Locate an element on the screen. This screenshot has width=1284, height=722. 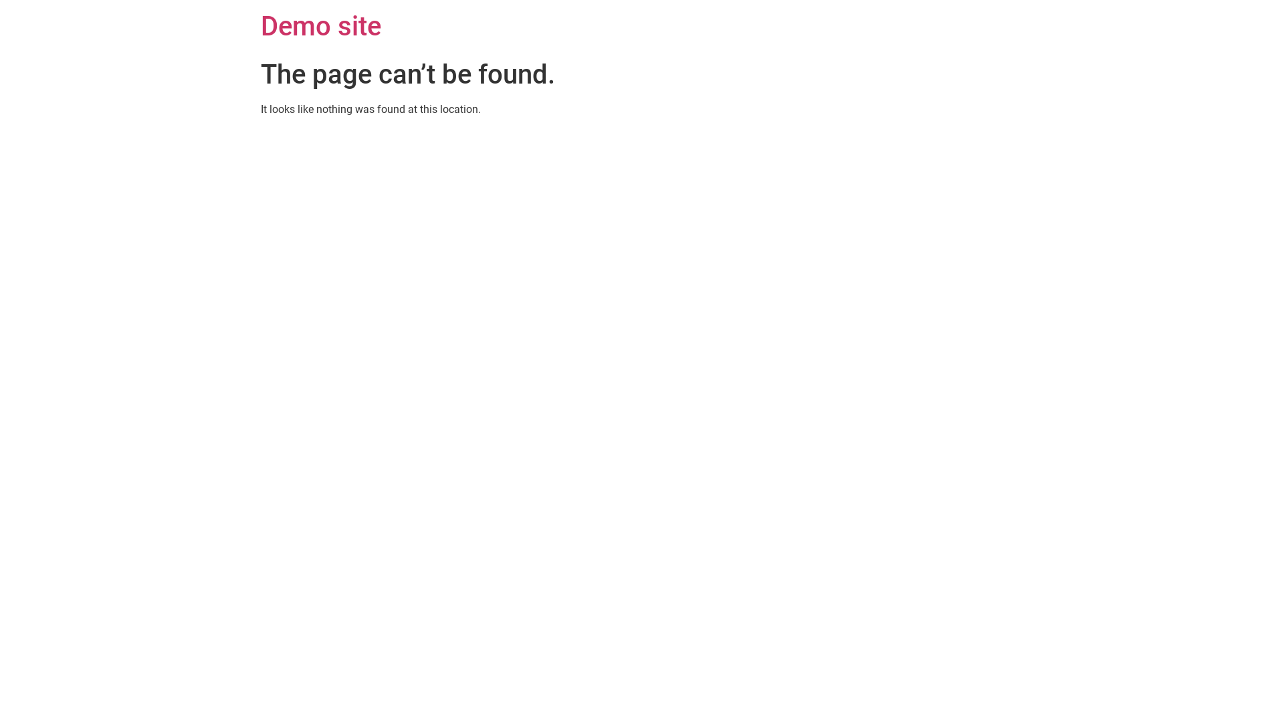
'Demo site' is located at coordinates (321, 26).